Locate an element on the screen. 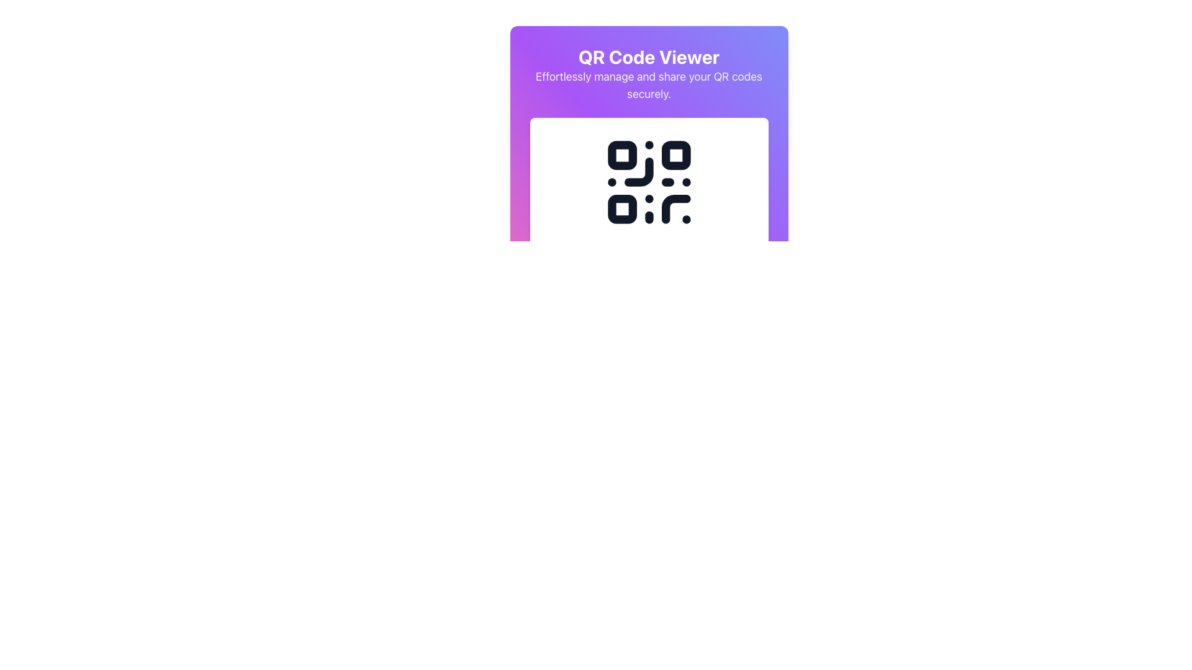  on the centrally located QR Code Display element with a minimalist black design, which is part of a gradient purple-to-pink background is located at coordinates (648, 179).